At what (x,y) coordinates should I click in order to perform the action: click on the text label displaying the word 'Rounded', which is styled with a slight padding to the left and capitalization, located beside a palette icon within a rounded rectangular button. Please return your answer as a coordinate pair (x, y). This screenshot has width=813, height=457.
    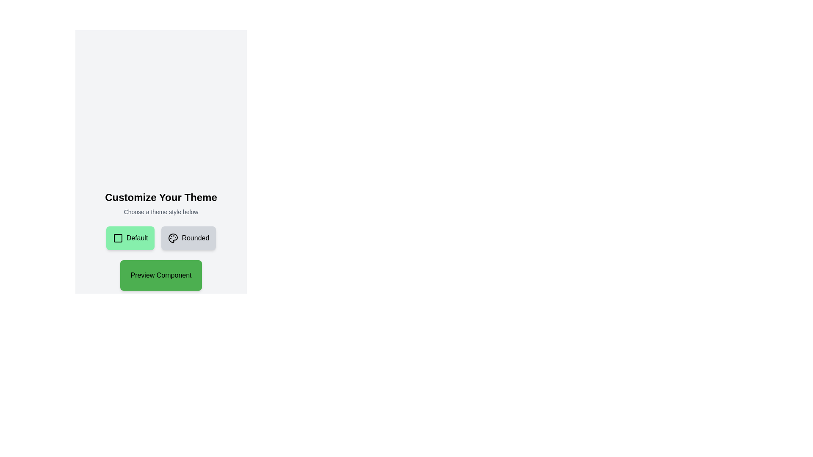
    Looking at the image, I should click on (195, 238).